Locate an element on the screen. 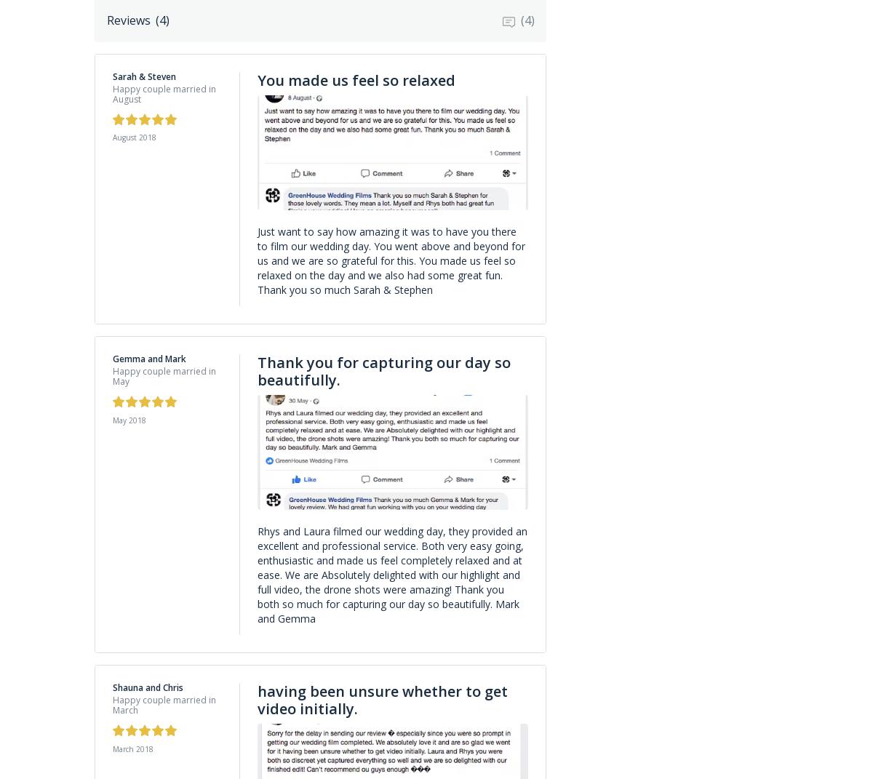 The height and width of the screenshot is (779, 873). 'March 2018' is located at coordinates (112, 748).